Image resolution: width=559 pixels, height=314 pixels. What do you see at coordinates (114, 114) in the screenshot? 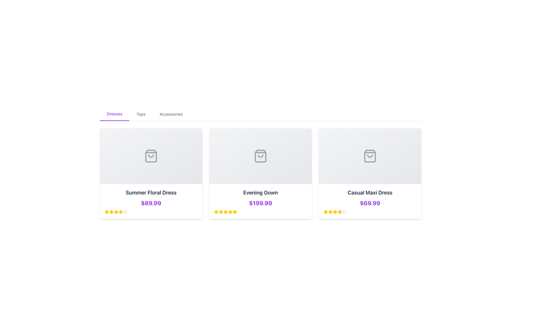
I see `the 'Dresses' button in the horizontal menu bar for accessibility navigation` at bounding box center [114, 114].